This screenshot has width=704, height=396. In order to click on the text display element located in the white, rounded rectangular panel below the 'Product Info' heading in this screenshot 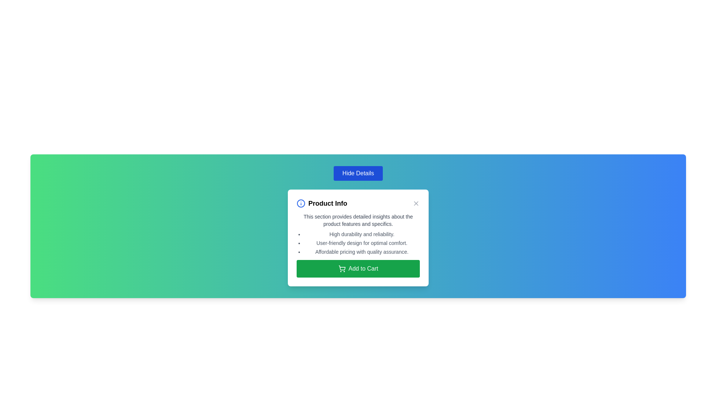, I will do `click(358, 220)`.